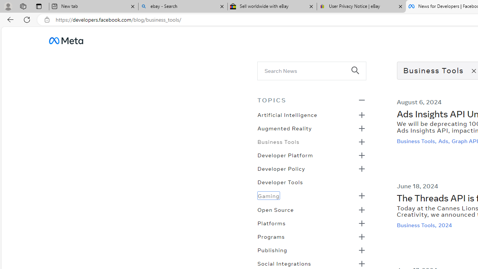 Image resolution: width=478 pixels, height=269 pixels. Describe the element at coordinates (270, 236) in the screenshot. I see `'Programs'` at that location.